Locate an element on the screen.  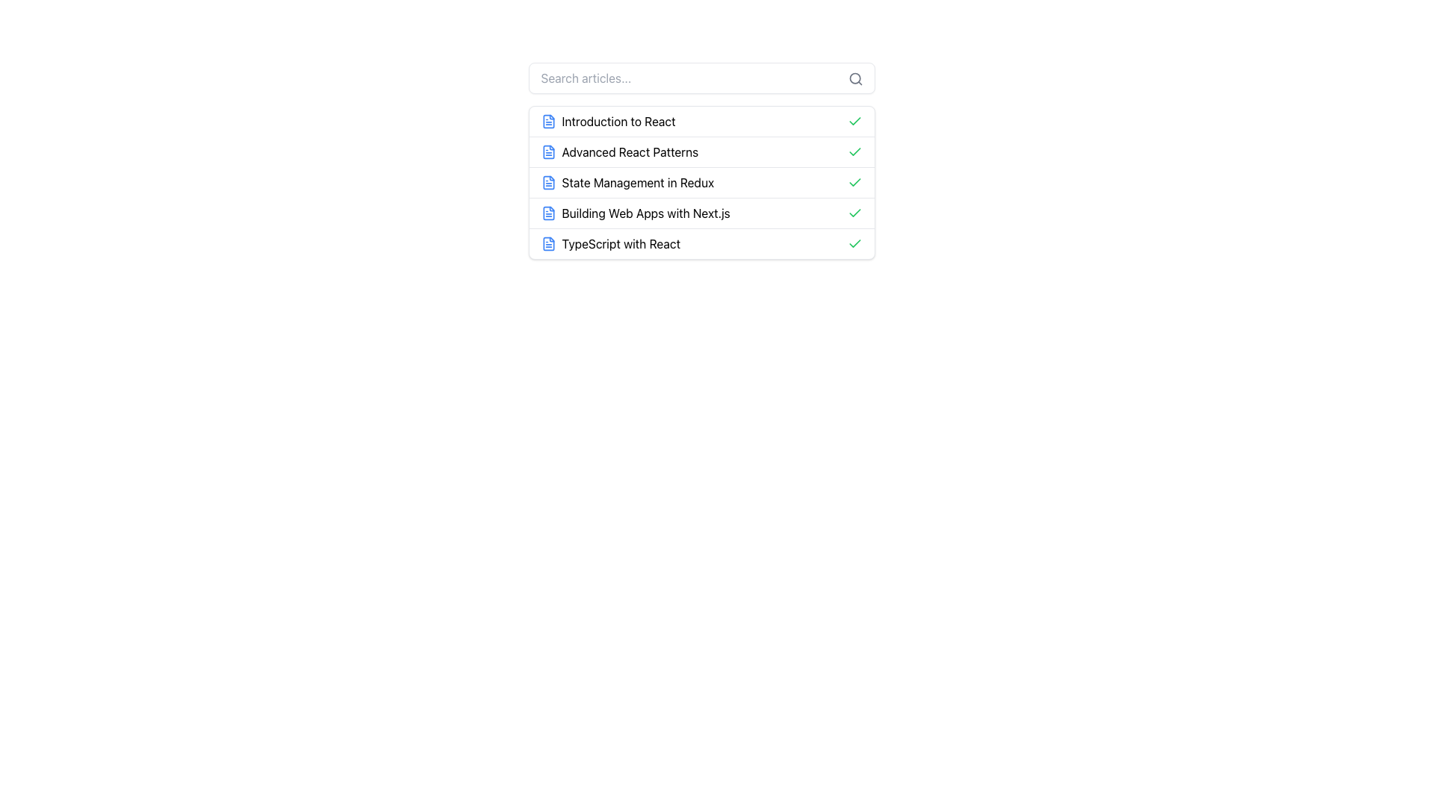
the green checkmark SVG icon next to the text 'Building Web Apps with Next.js' for options is located at coordinates (854, 181).